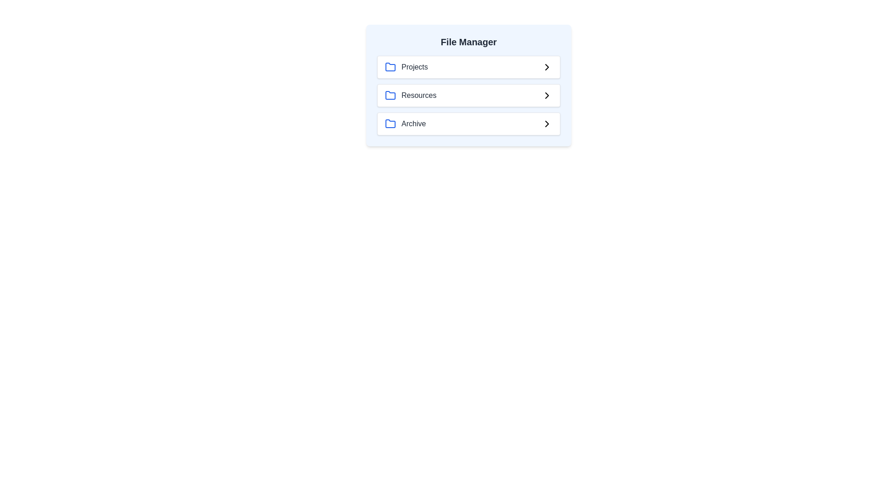 The width and height of the screenshot is (879, 494). I want to click on the right-facing chevron arrow icon in the 'File Manager' interface, so click(547, 123).